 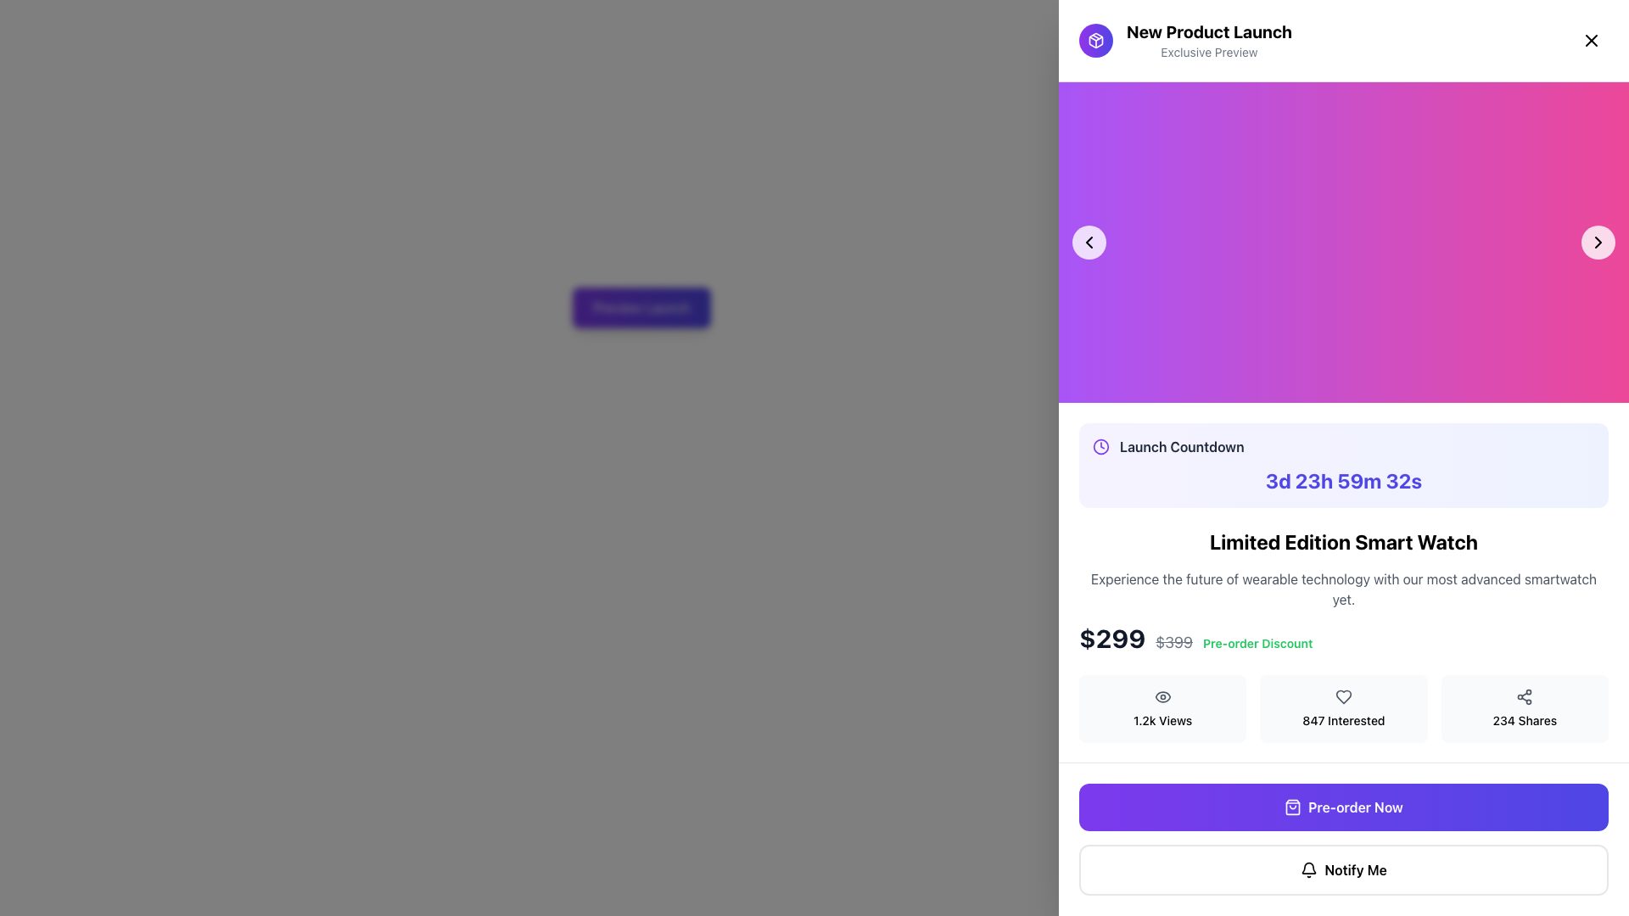 What do you see at coordinates (1525, 709) in the screenshot?
I see `the Informative card displaying '234 Shares', which is a rectangular box with a light gray background and a shared network icon, located in the third column of the grid layout` at bounding box center [1525, 709].